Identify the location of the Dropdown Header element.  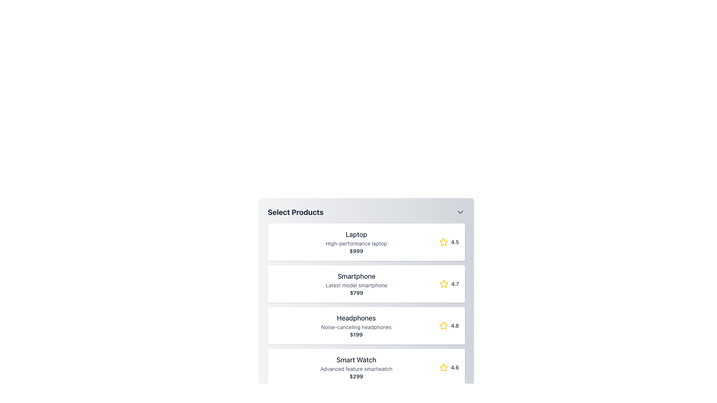
(366, 212).